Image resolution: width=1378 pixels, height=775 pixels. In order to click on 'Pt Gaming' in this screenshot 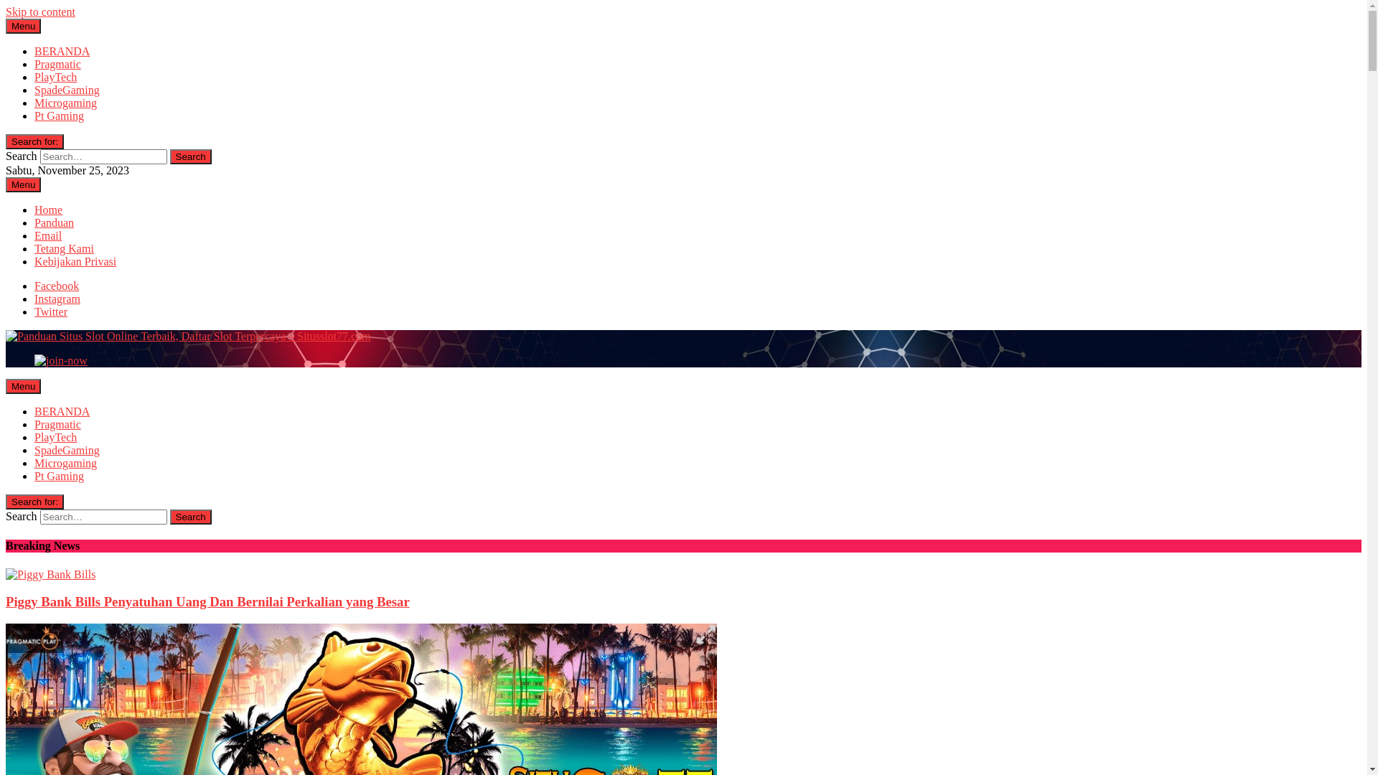, I will do `click(58, 115)`.